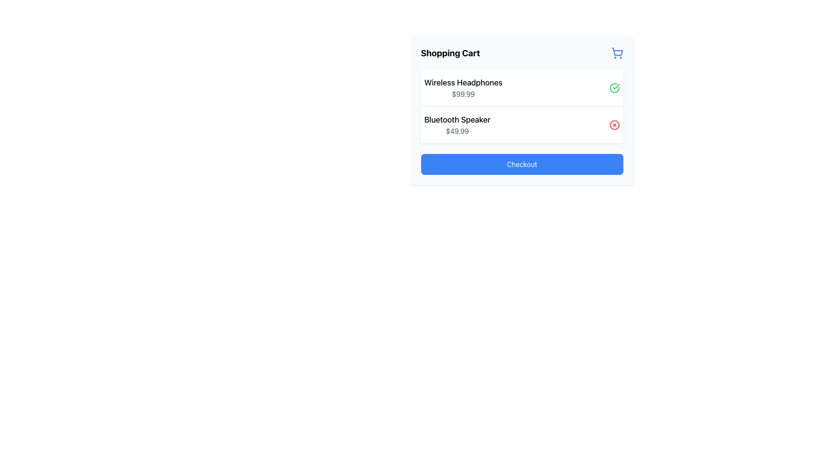 The image size is (837, 471). I want to click on the positive status indicator SVG icon for 'Wireless Headphones' located at the far right of its row in the shopping cart, so click(615, 87).